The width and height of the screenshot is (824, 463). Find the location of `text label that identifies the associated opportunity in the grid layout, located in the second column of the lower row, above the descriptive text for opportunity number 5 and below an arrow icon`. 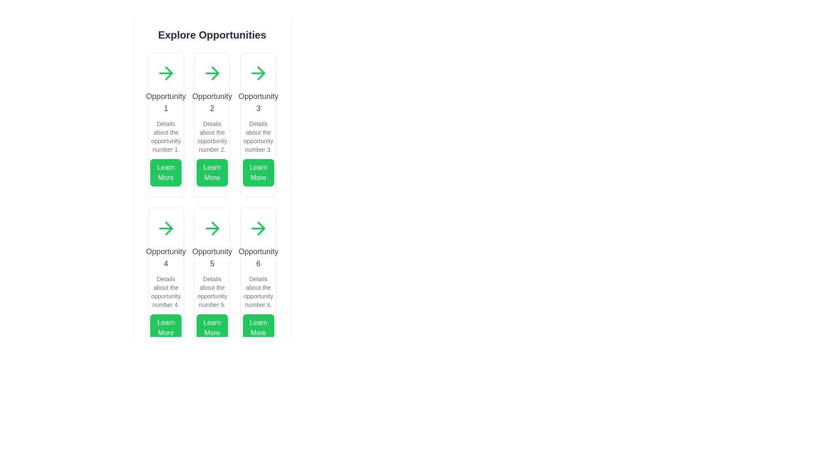

text label that identifies the associated opportunity in the grid layout, located in the second column of the lower row, above the descriptive text for opportunity number 5 and below an arrow icon is located at coordinates (212, 257).